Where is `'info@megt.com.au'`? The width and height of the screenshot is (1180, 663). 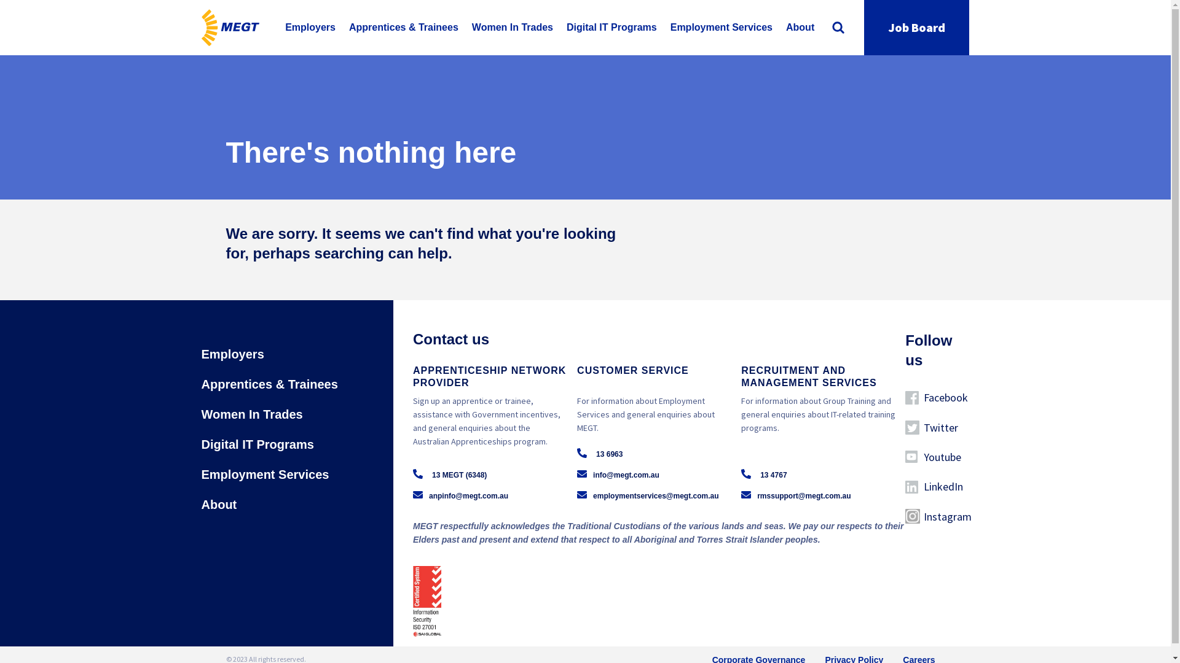
'info@megt.com.au' is located at coordinates (618, 473).